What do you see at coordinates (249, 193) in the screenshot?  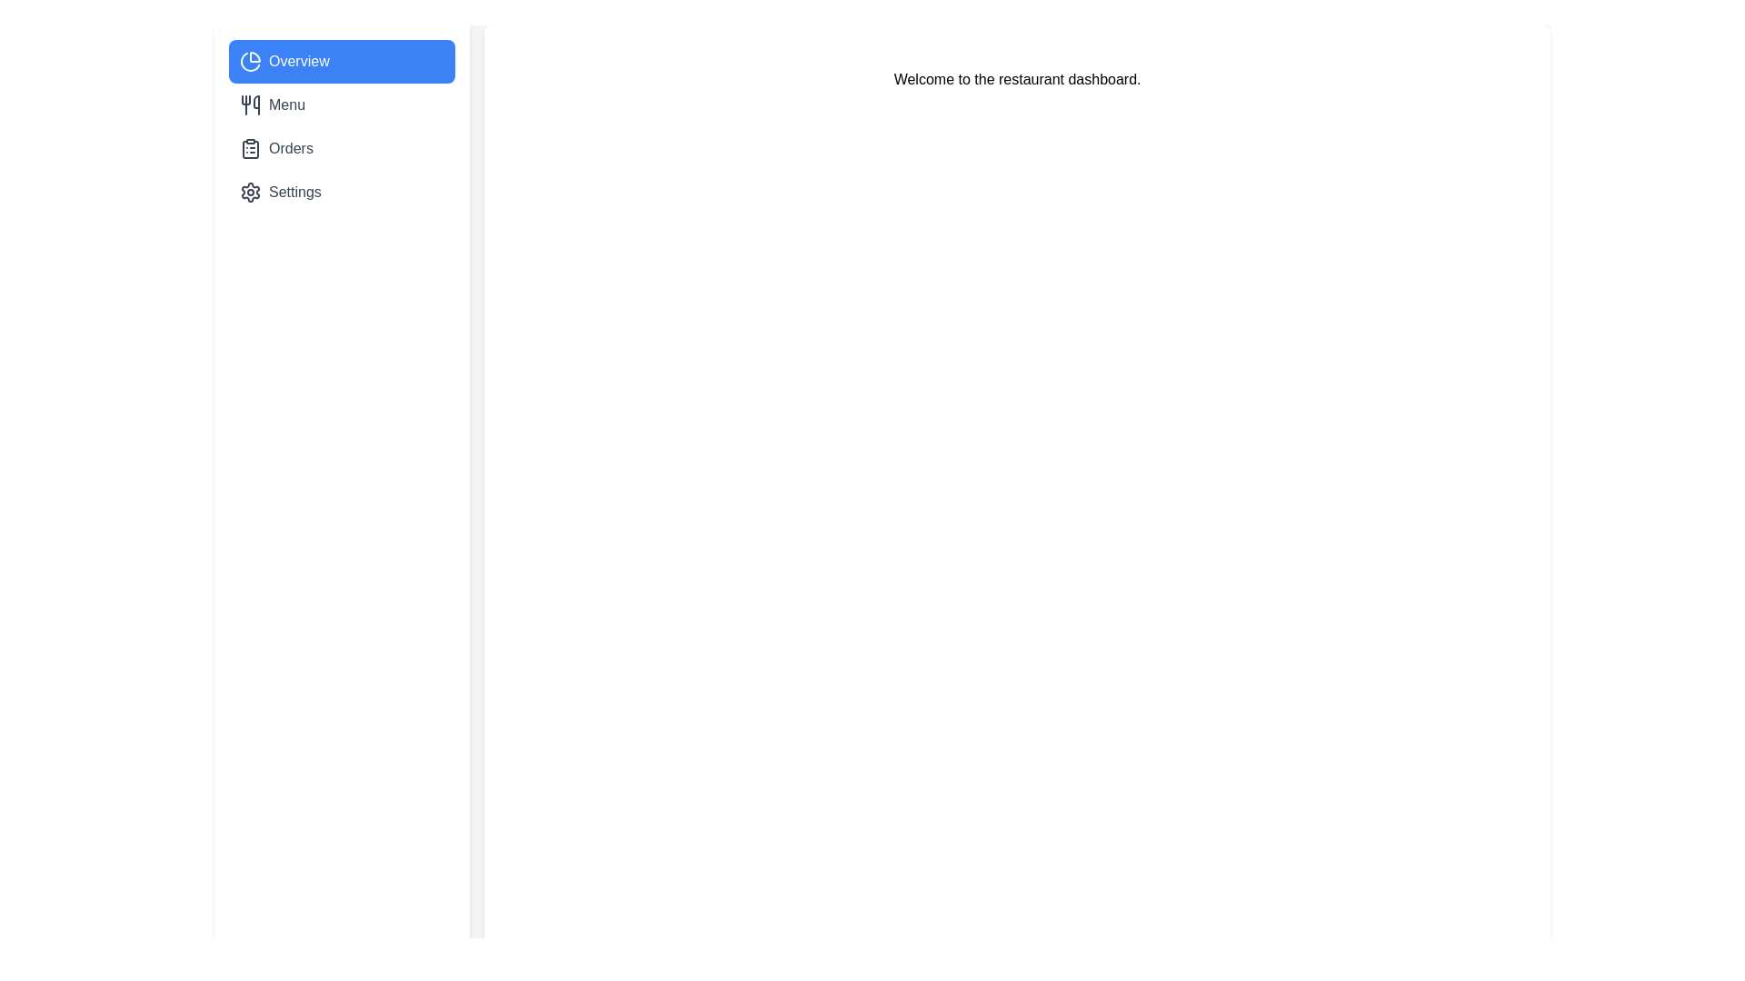 I see `the gear icon with a black outline, which symbolizes the settings functionality, located in the vertical sidebar menu` at bounding box center [249, 193].